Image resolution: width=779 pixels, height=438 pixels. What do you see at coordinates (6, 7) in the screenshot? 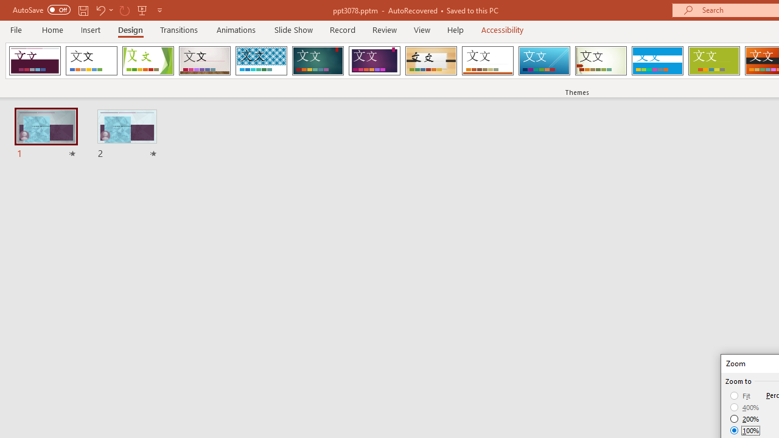
I see `'System'` at bounding box center [6, 7].